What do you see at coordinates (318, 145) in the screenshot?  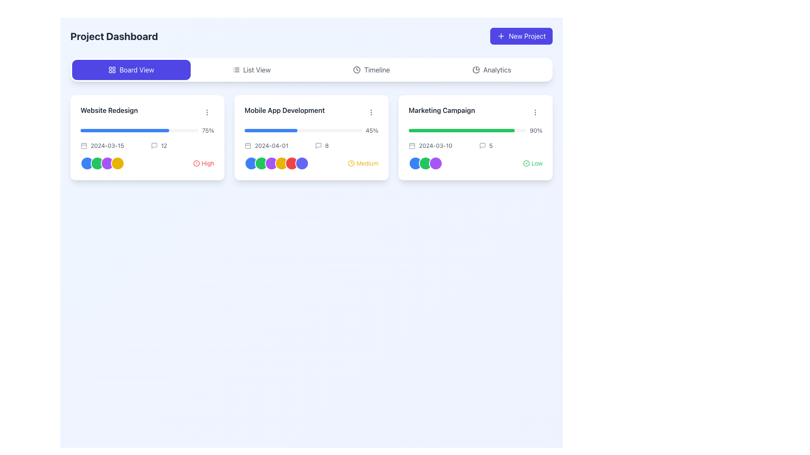 I see `the speech bubble icon indicating messages, located next to the numeric indicator '8' on the 'Mobile App Development' card in the middle column` at bounding box center [318, 145].